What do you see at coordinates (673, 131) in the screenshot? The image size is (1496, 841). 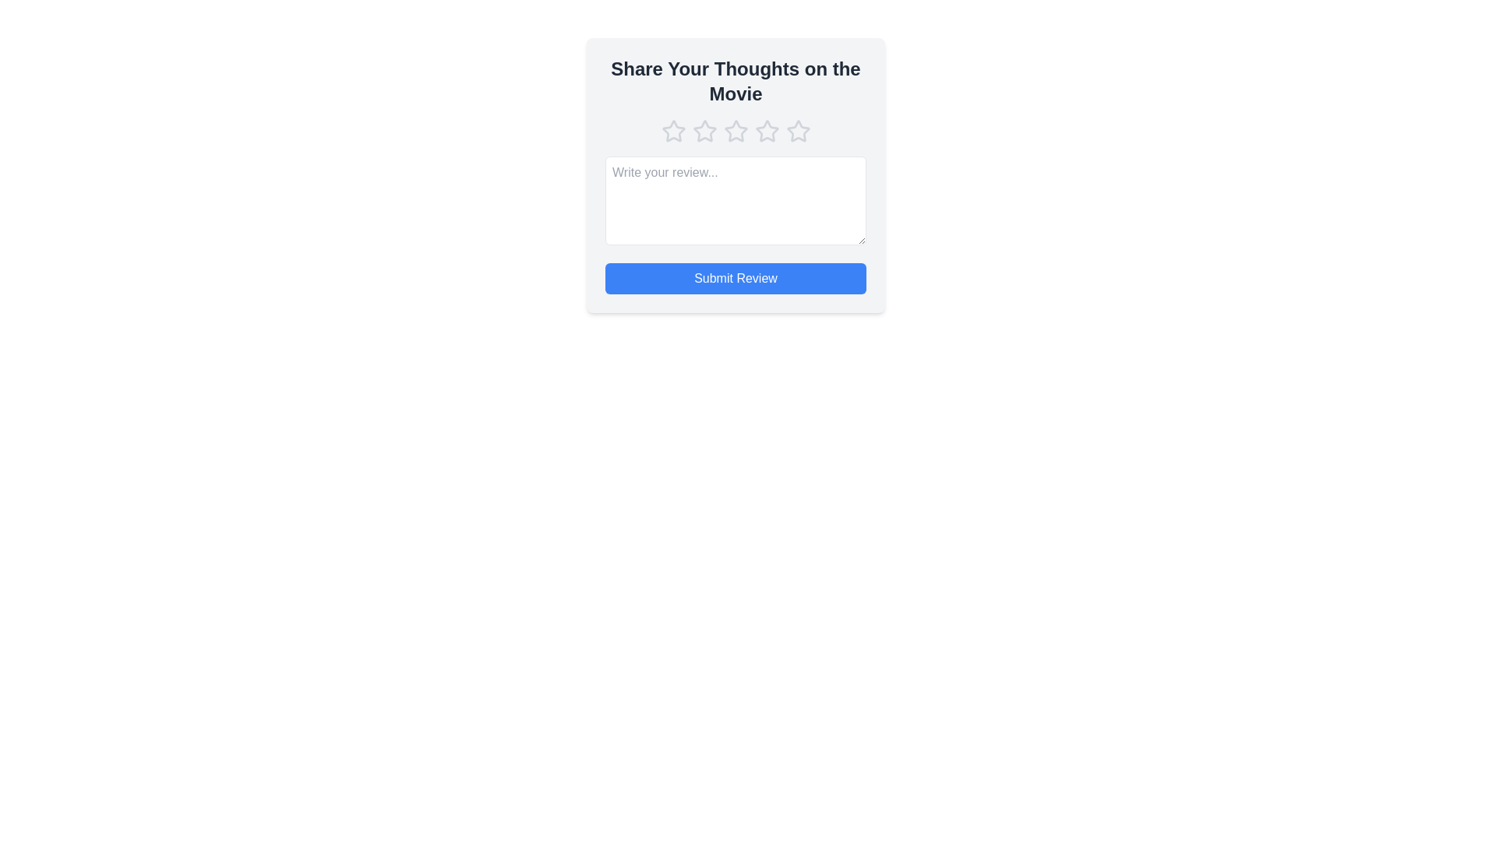 I see `the first star icon in the rating system` at bounding box center [673, 131].